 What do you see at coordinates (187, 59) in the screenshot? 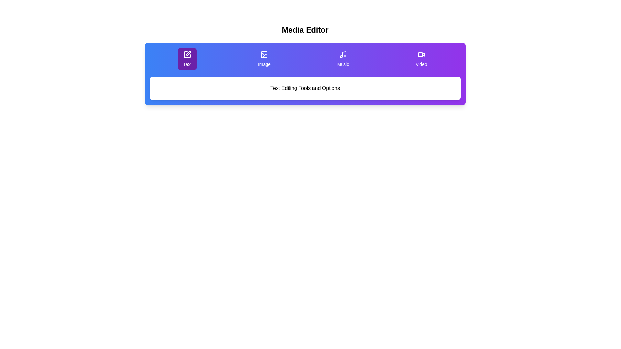
I see `the first button in the navigation bar labeled 'Text' with a pen icon` at bounding box center [187, 59].